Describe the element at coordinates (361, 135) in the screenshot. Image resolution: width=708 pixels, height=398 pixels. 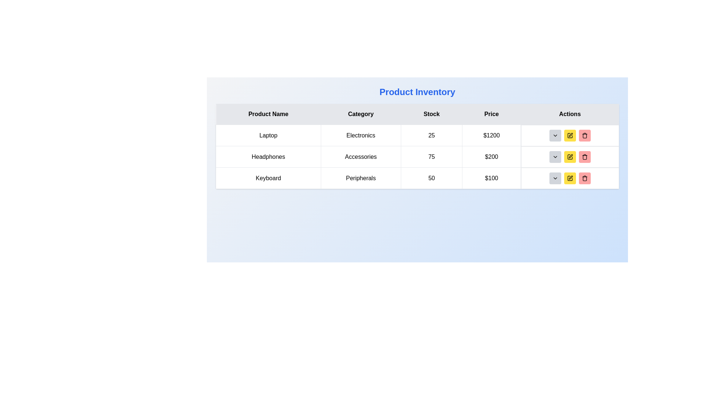
I see `the table cell that labels the product category as 'Electronics' in the 'Product Inventory' table` at that location.